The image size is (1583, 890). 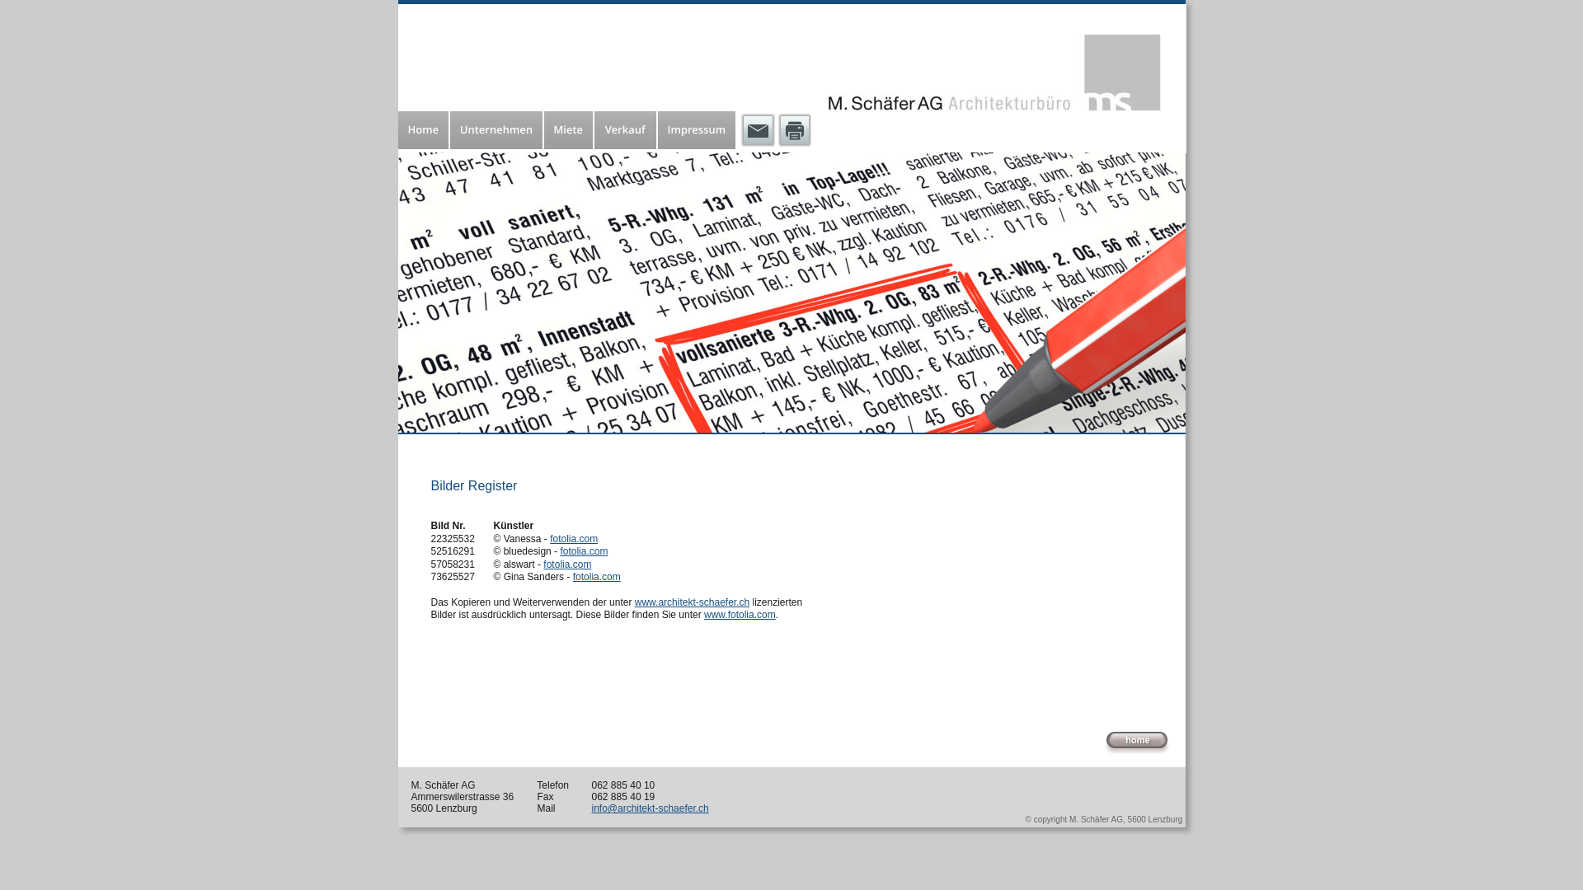 What do you see at coordinates (704, 614) in the screenshot?
I see `'www.fotolia.com'` at bounding box center [704, 614].